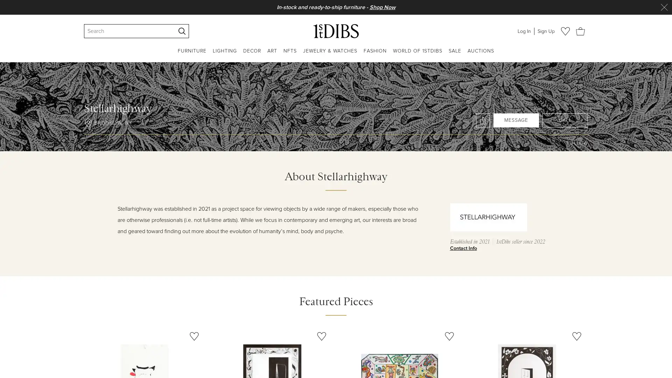 The height and width of the screenshot is (378, 672). What do you see at coordinates (182, 30) in the screenshot?
I see `Search` at bounding box center [182, 30].